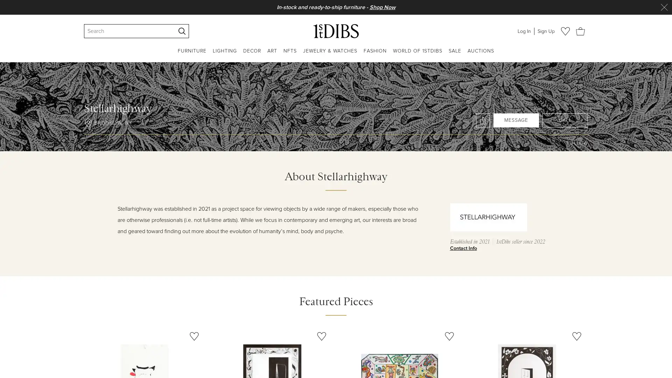 The height and width of the screenshot is (378, 672). What do you see at coordinates (182, 30) in the screenshot?
I see `Search` at bounding box center [182, 30].